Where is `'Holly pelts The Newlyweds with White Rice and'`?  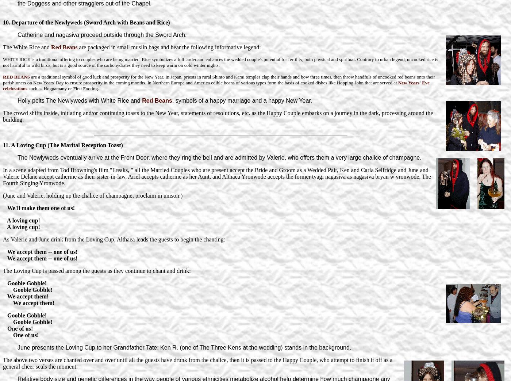 'Holly pelts The Newlyweds with White Rice and' is located at coordinates (80, 100).